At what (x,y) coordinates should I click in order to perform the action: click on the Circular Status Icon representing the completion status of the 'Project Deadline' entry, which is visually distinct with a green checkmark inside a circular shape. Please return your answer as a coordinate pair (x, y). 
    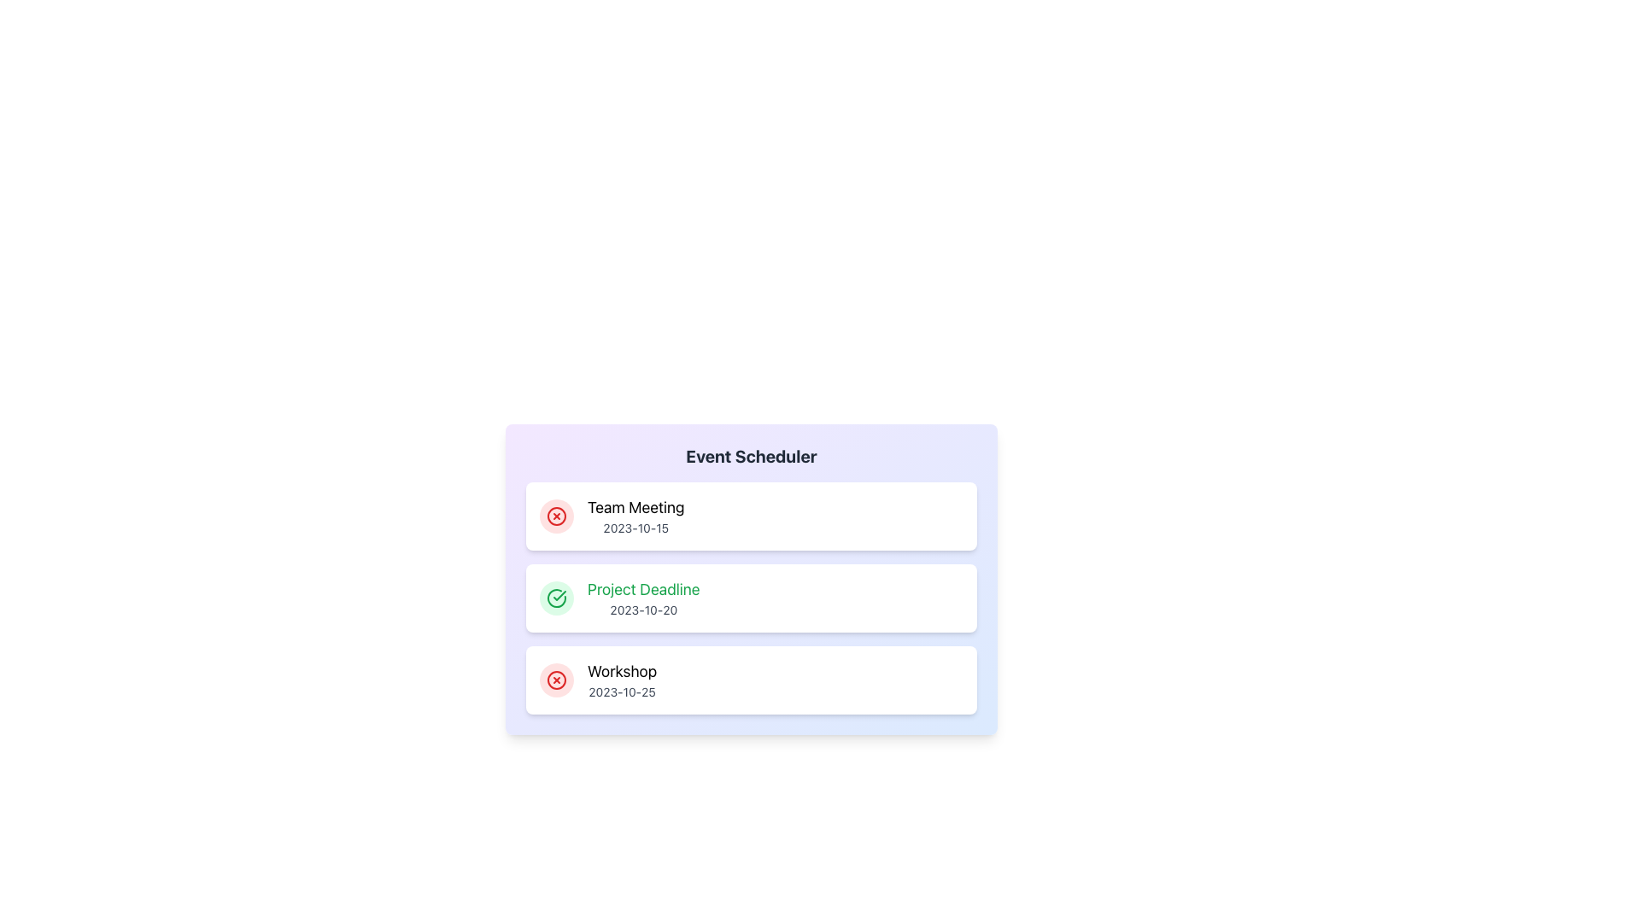
    Looking at the image, I should click on (557, 598).